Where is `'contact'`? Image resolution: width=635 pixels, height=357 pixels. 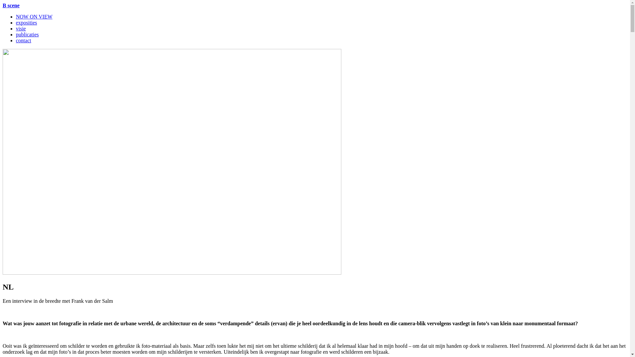 'contact' is located at coordinates (23, 40).